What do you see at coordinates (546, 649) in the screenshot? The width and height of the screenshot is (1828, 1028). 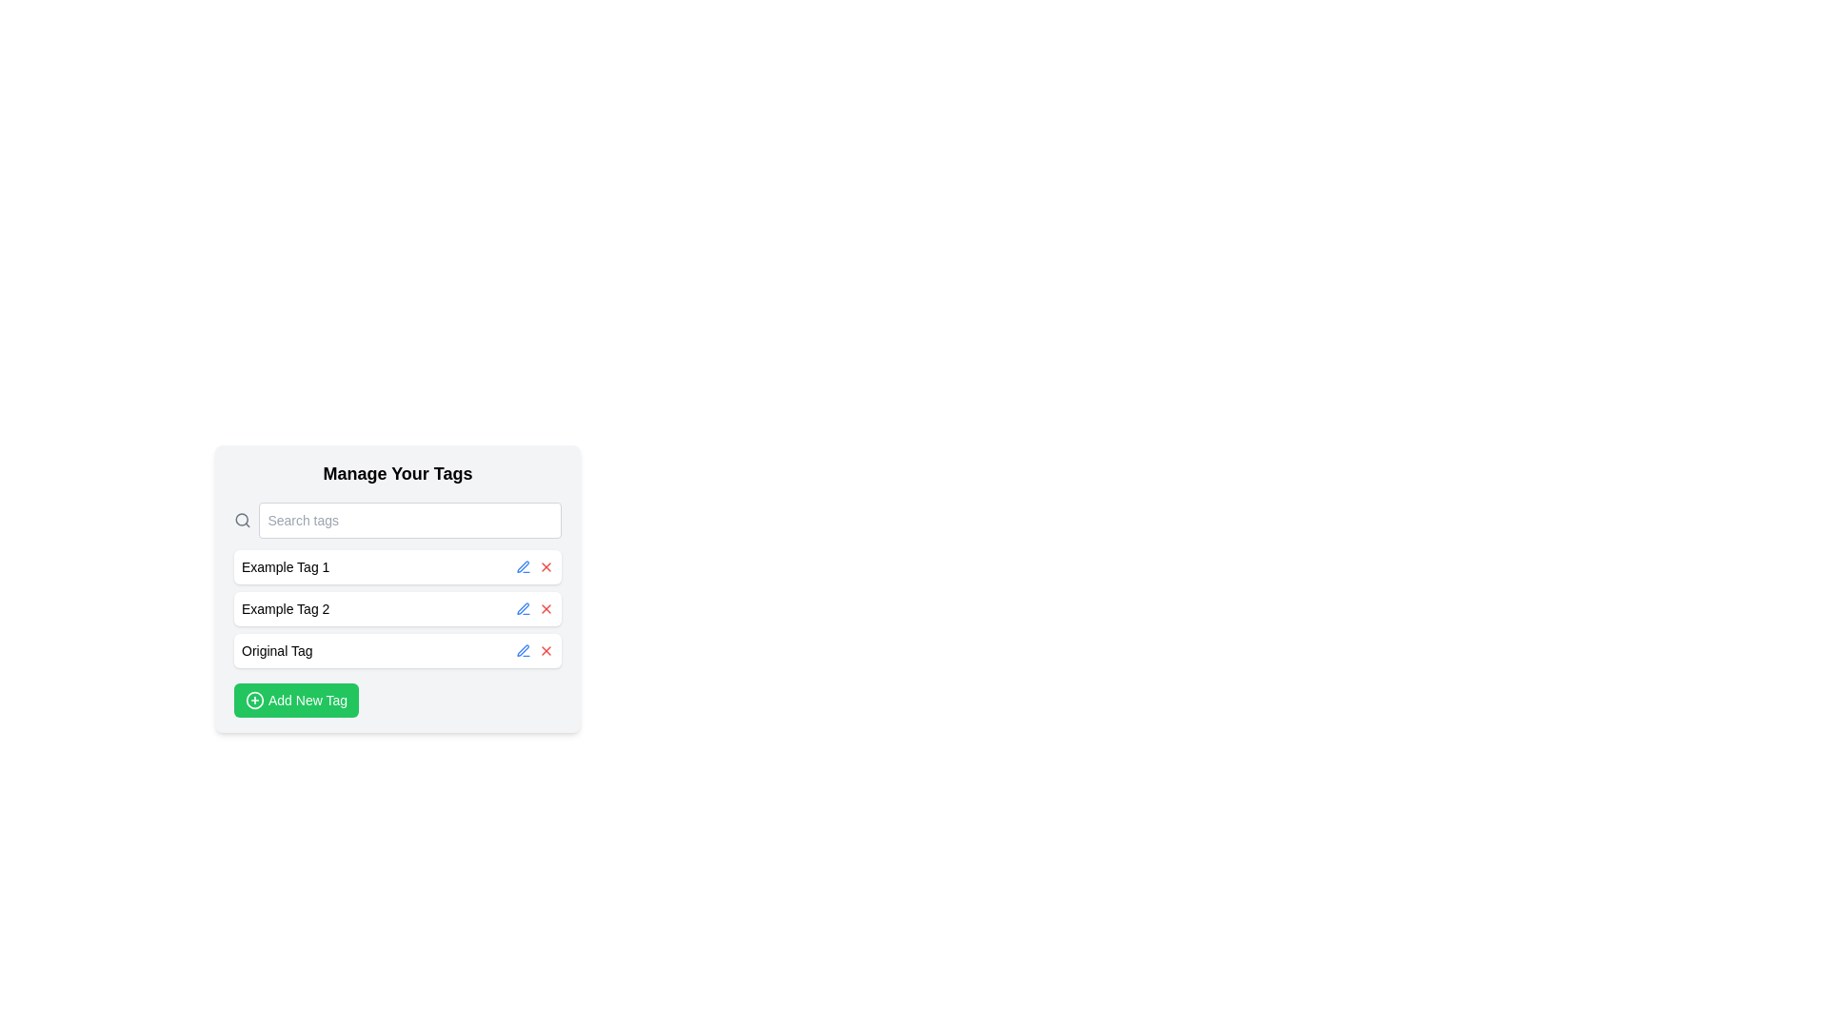 I see `the small circular button with a cross, which is styled to hover with a darker red shade, located beside the text 'Original Tag'` at bounding box center [546, 649].